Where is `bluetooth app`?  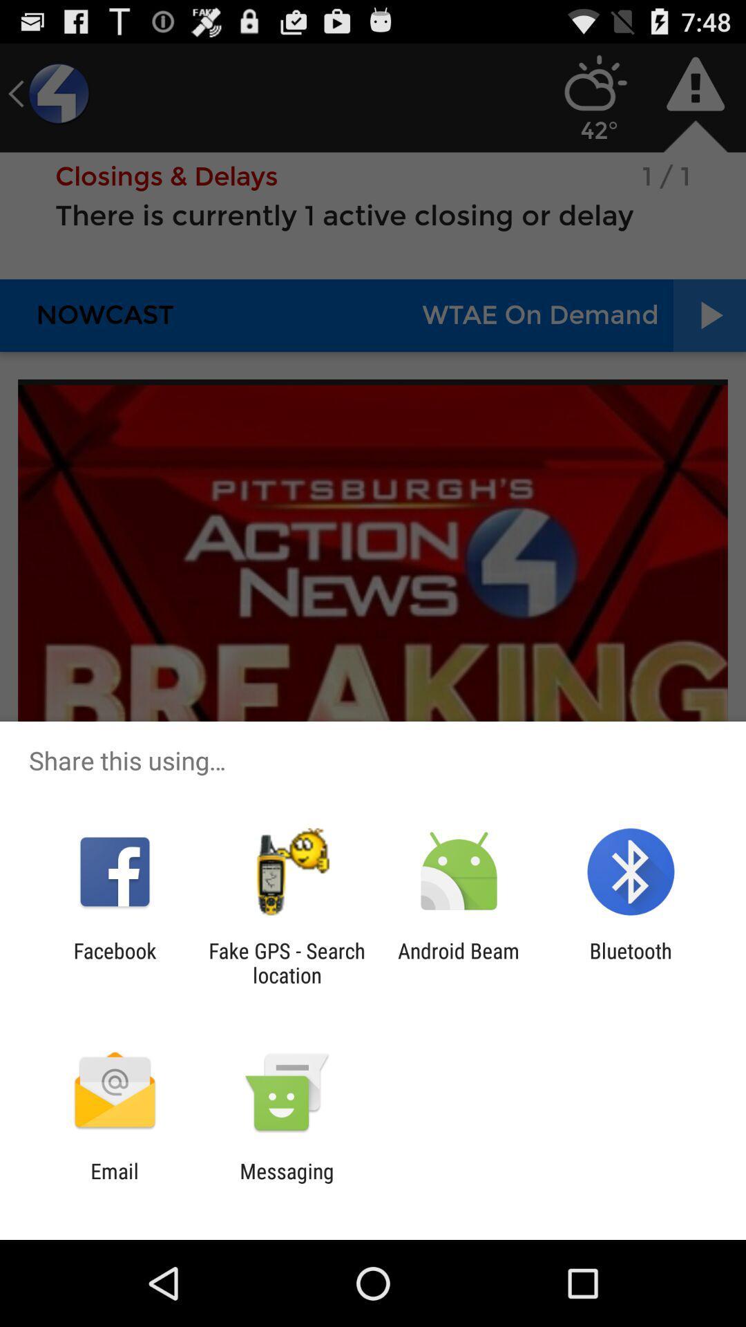 bluetooth app is located at coordinates (631, 962).